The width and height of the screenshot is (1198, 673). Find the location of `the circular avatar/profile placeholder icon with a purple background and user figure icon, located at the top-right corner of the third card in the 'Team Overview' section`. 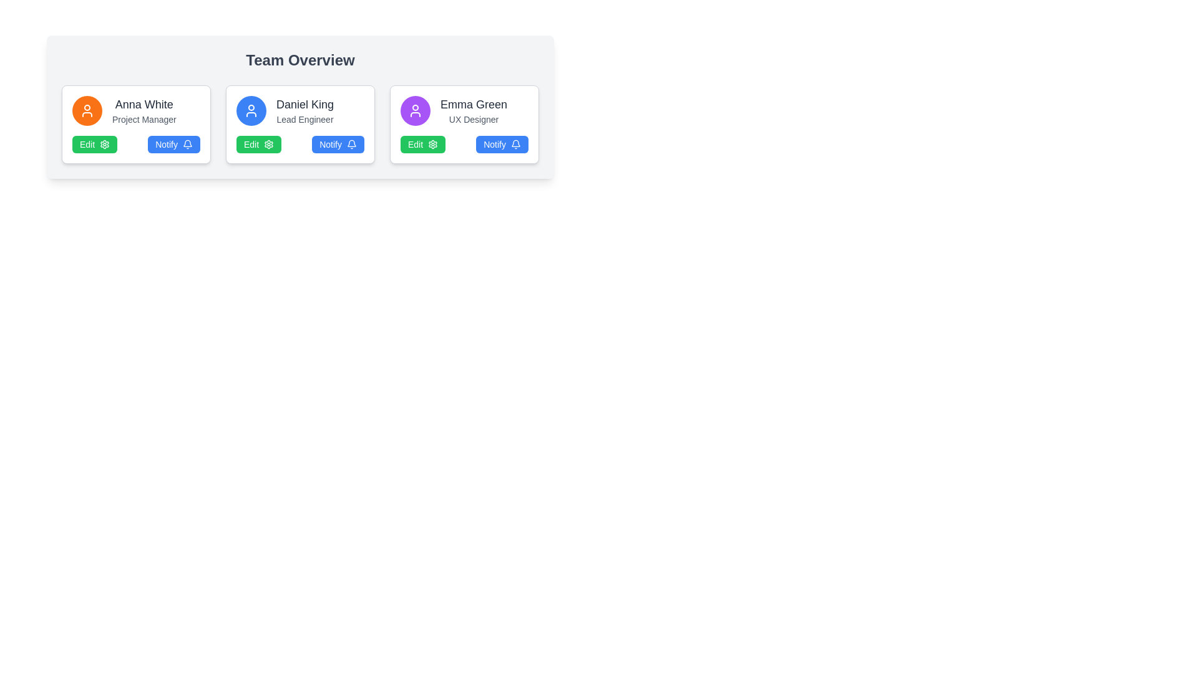

the circular avatar/profile placeholder icon with a purple background and user figure icon, located at the top-right corner of the third card in the 'Team Overview' section is located at coordinates (416, 110).